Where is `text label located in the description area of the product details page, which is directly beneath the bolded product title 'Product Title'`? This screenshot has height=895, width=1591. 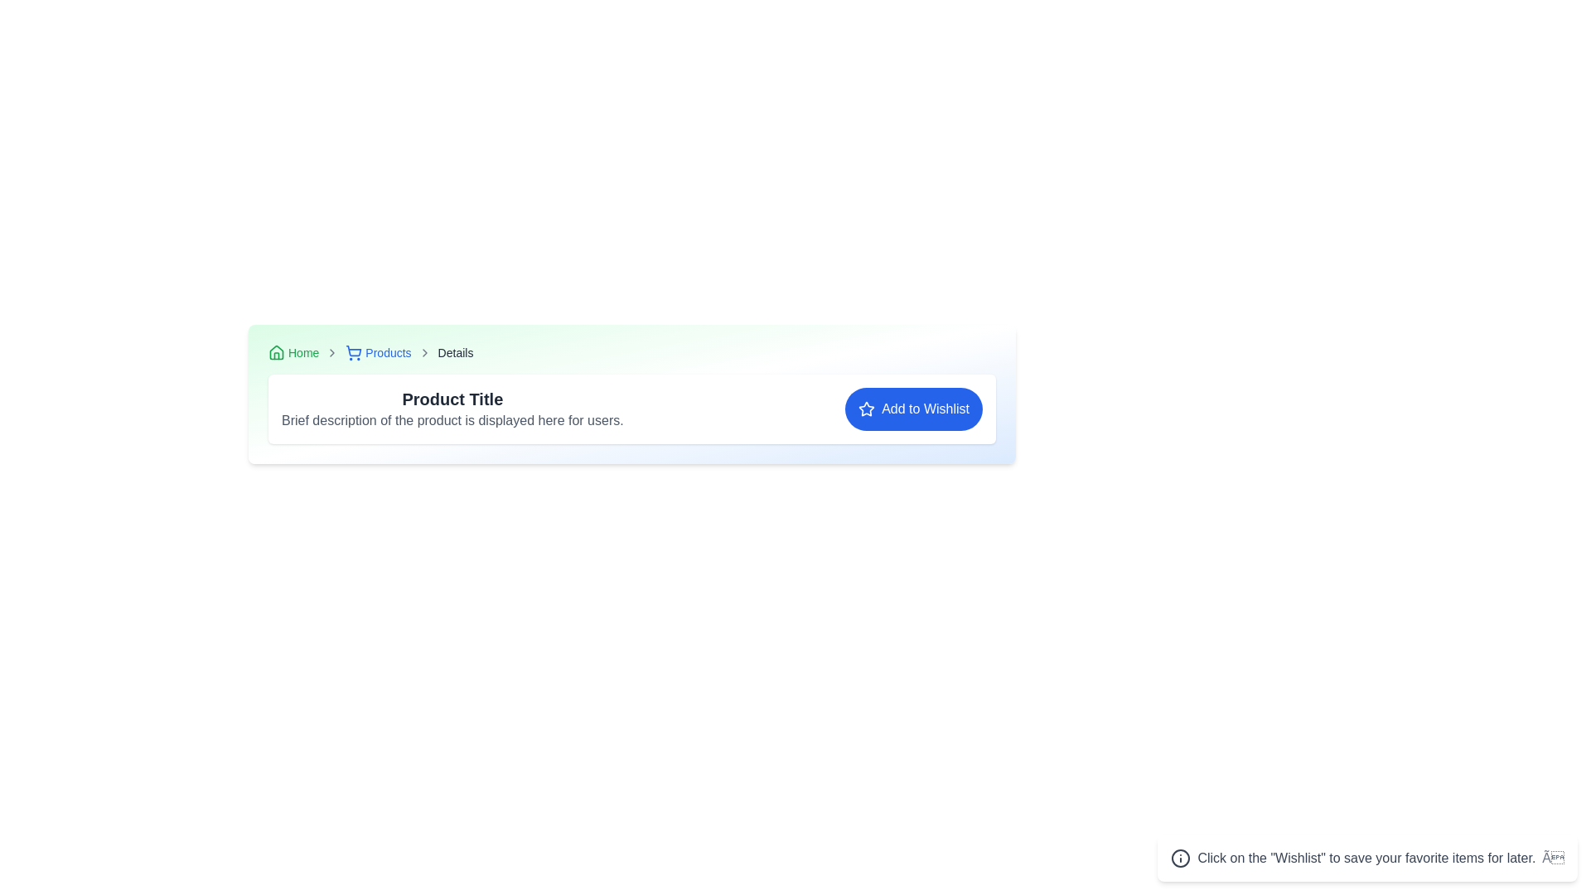
text label located in the description area of the product details page, which is directly beneath the bolded product title 'Product Title' is located at coordinates (452, 420).